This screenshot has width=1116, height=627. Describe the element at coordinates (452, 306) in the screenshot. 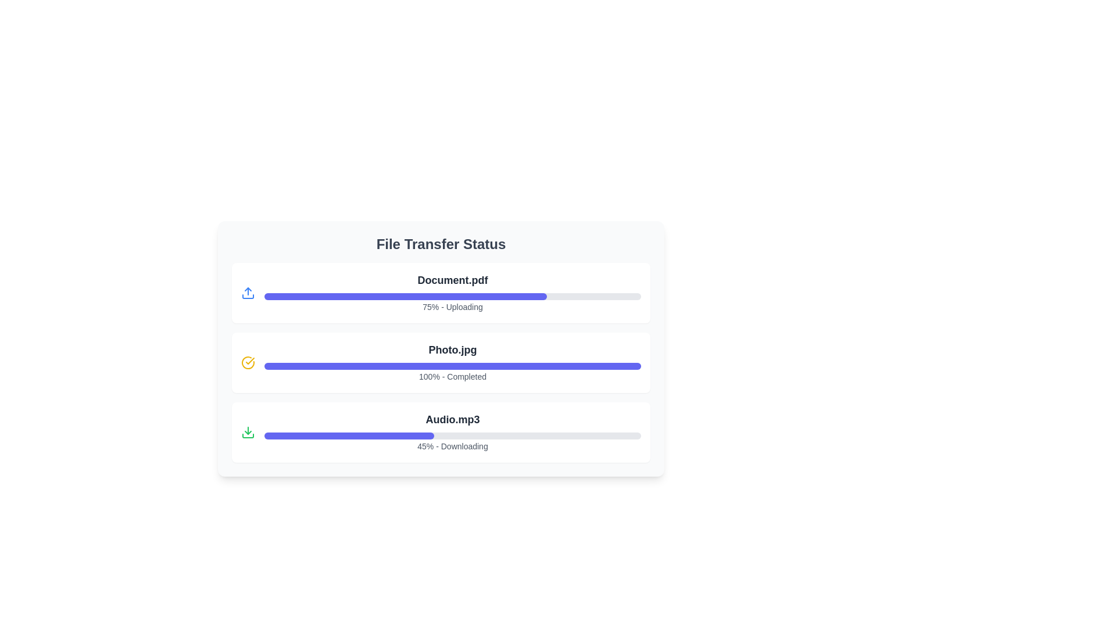

I see `the line of text reading '75% - Uploading' located beneath the file name and progress bar for the file labeled 'Document.pdf'` at that location.